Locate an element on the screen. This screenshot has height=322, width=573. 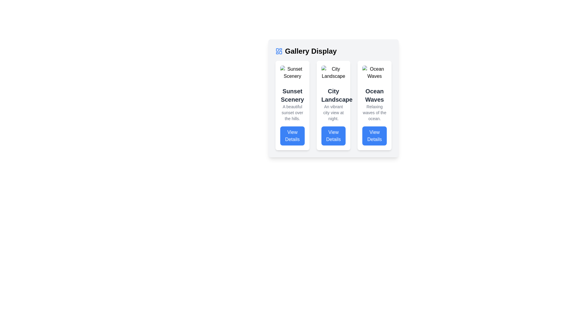
the Text Label that denotes 'Sunset Scenery' to enhance visibility is located at coordinates (292, 95).